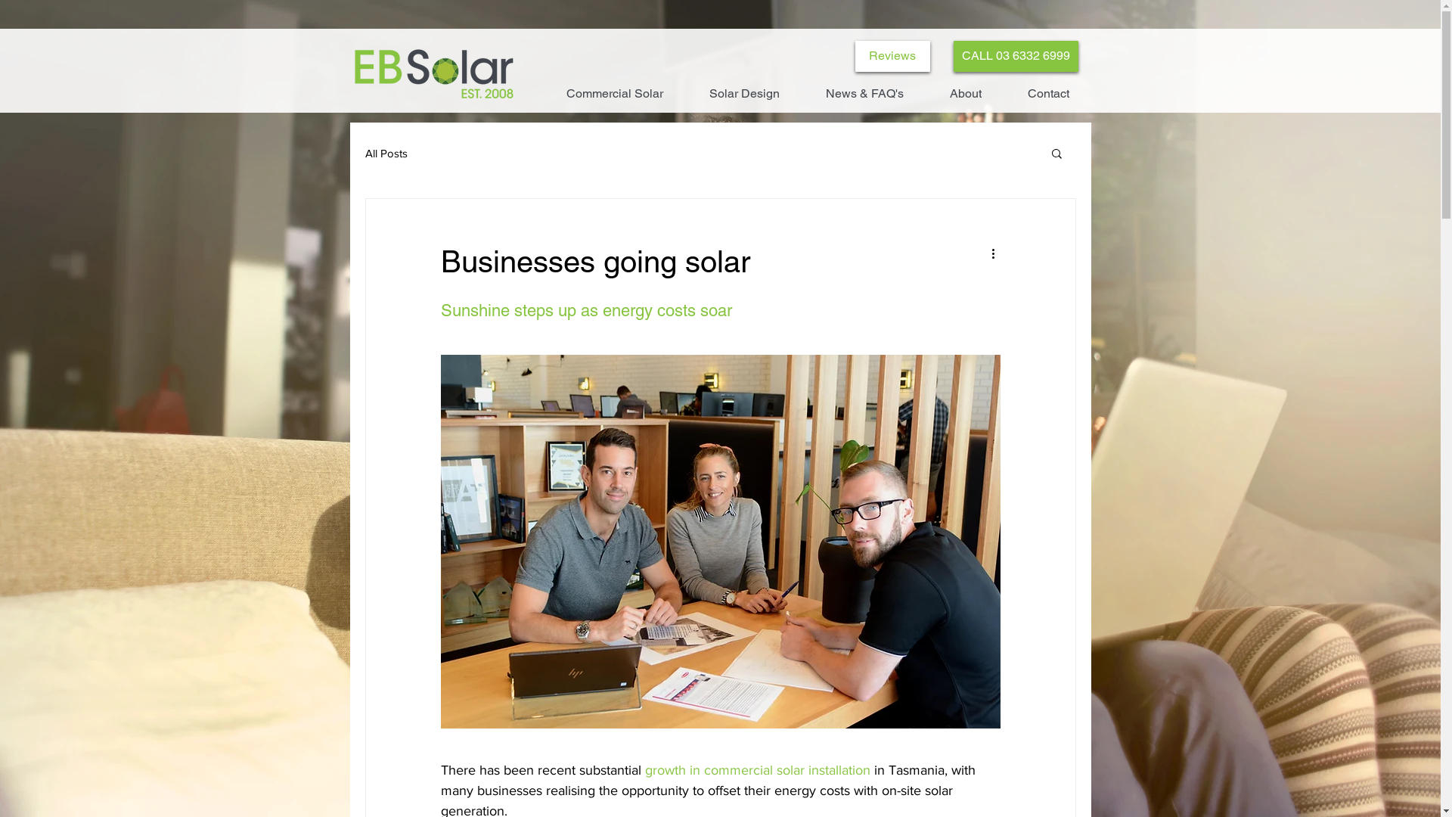  I want to click on 'News & FAQ's', so click(802, 93).